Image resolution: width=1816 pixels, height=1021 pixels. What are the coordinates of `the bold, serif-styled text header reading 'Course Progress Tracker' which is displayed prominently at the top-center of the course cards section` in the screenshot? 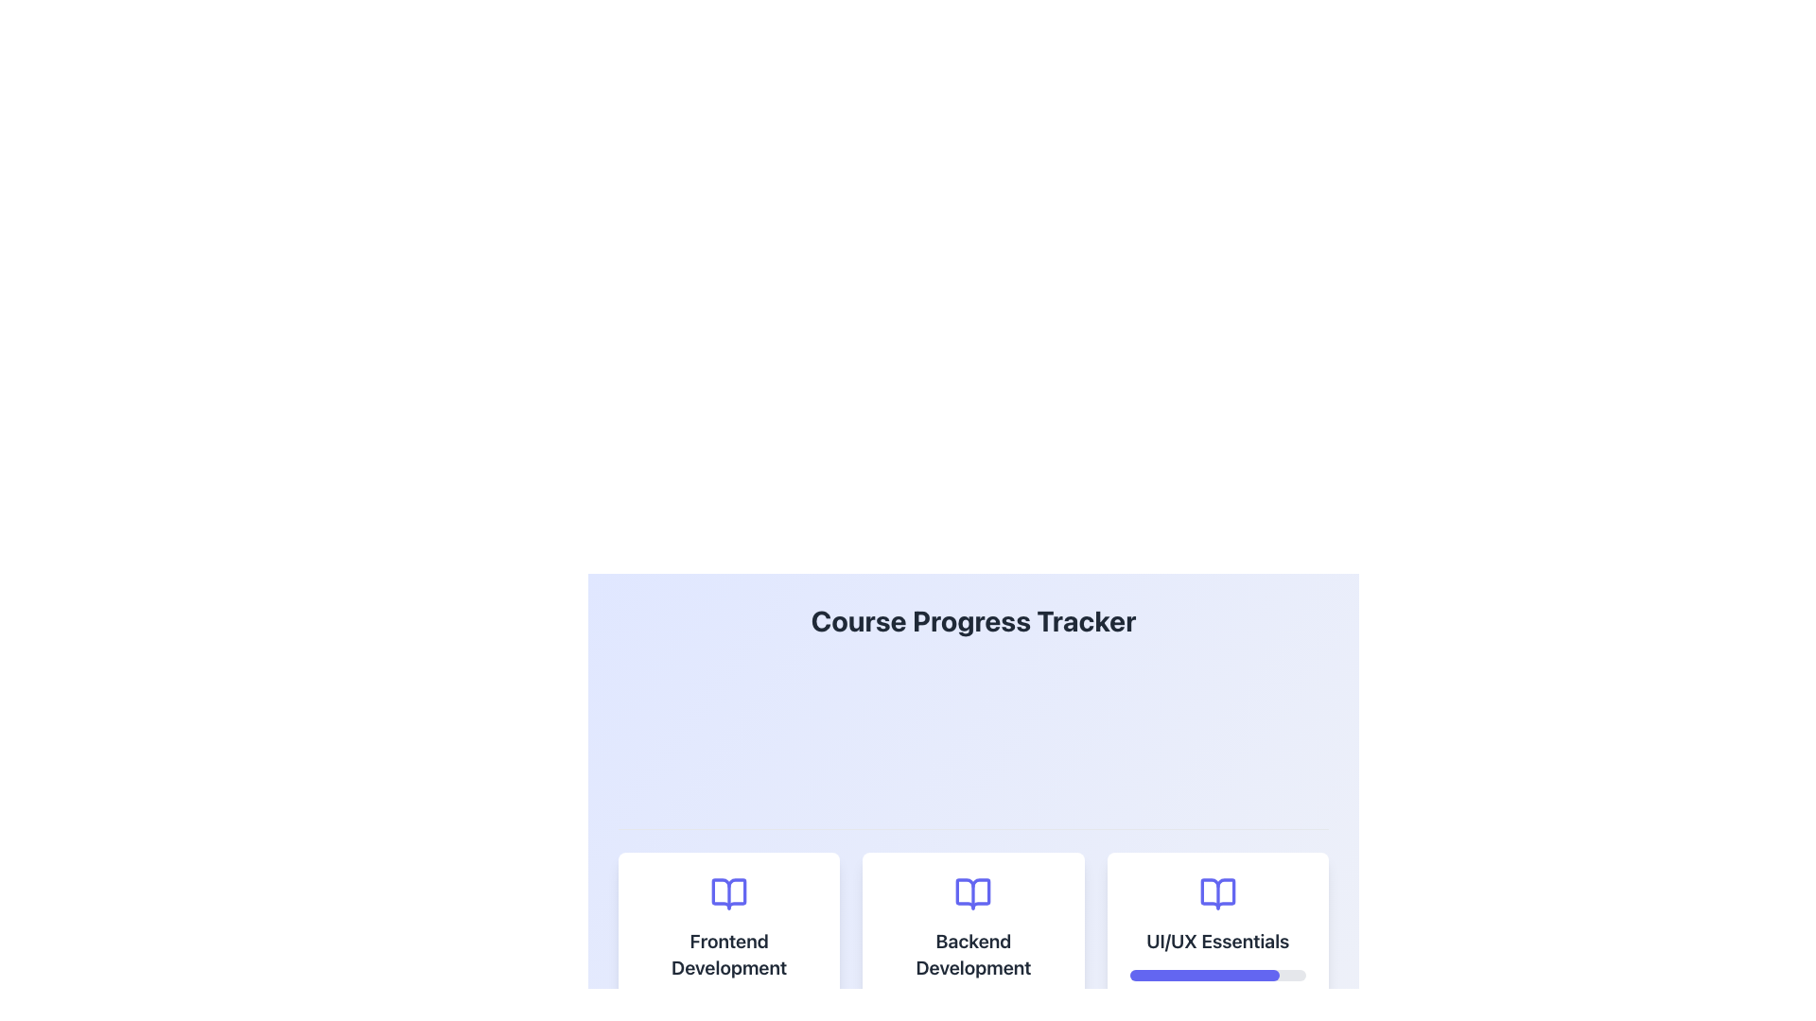 It's located at (973, 620).